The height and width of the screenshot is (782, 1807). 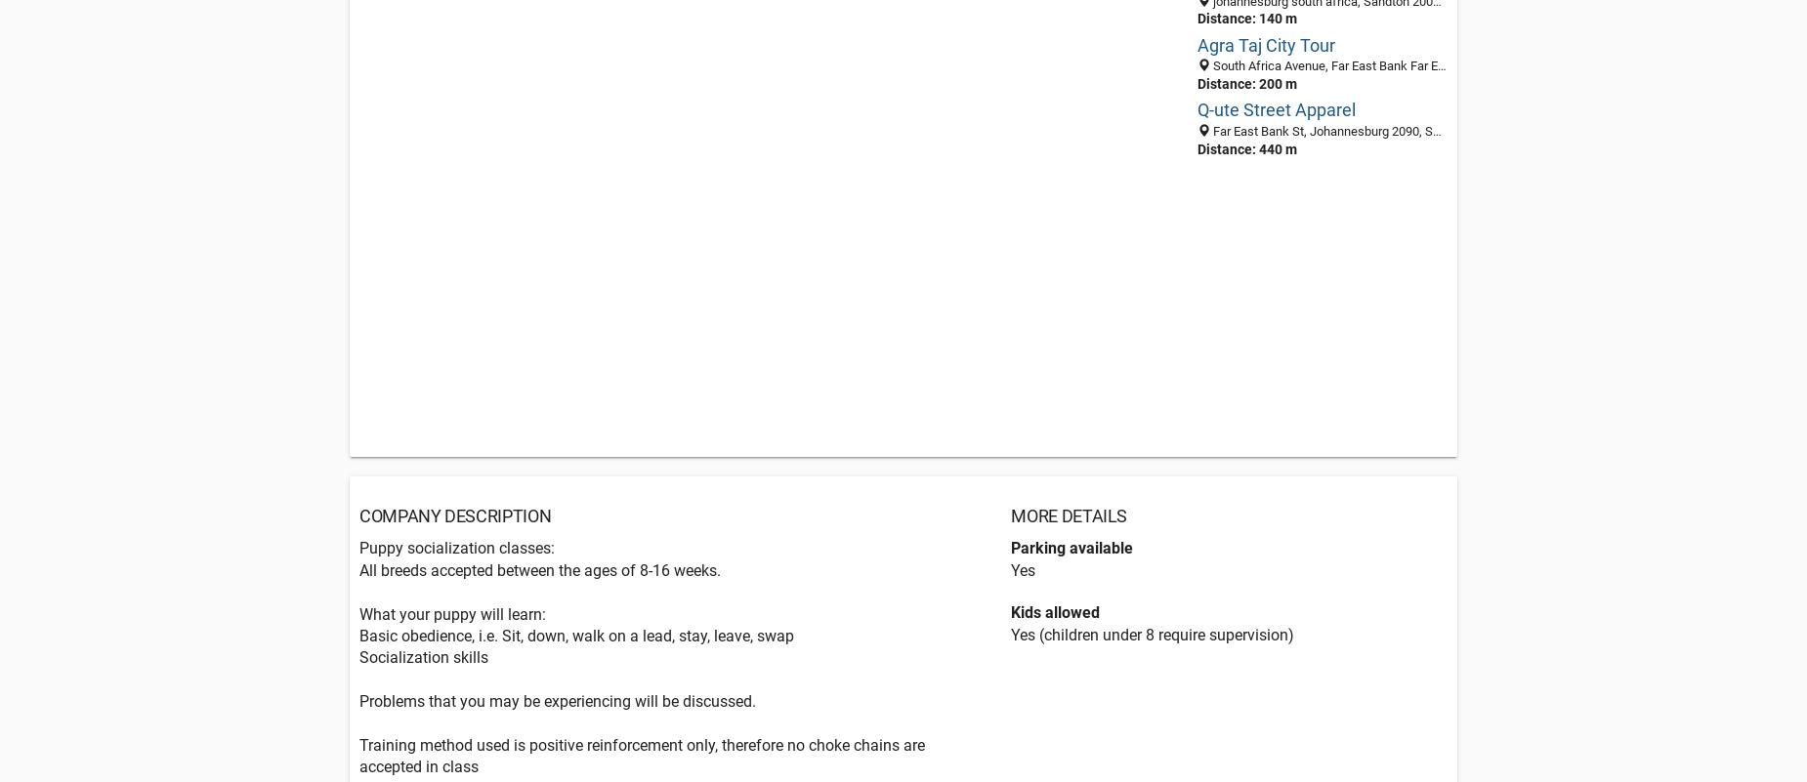 What do you see at coordinates (1436, 64) in the screenshot?
I see `'South Africa Avenue, Far East Bank Far East Bank, Sandton 2090, GP, South Africa'` at bounding box center [1436, 64].